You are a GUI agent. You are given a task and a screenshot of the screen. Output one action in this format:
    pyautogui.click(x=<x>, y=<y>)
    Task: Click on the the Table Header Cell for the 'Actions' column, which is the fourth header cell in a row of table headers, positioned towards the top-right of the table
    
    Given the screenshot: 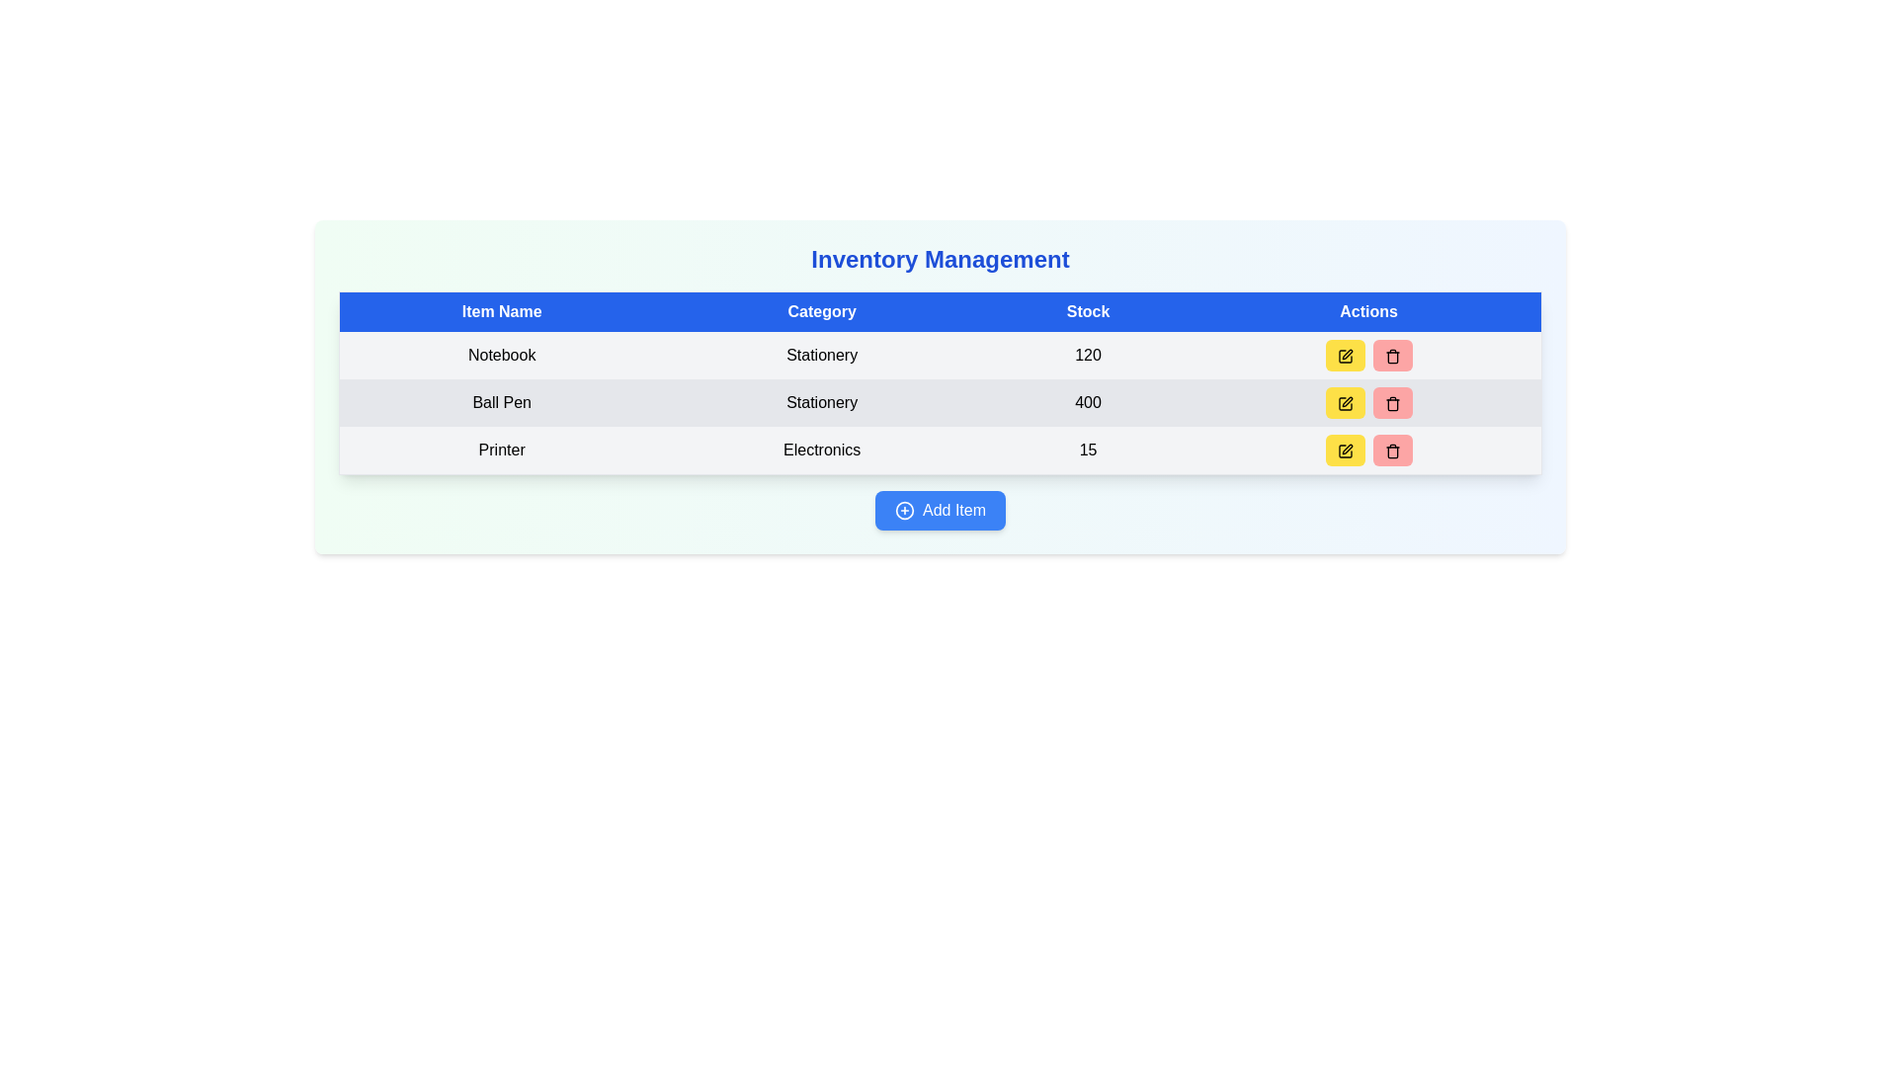 What is the action you would take?
    pyautogui.click(x=1367, y=311)
    